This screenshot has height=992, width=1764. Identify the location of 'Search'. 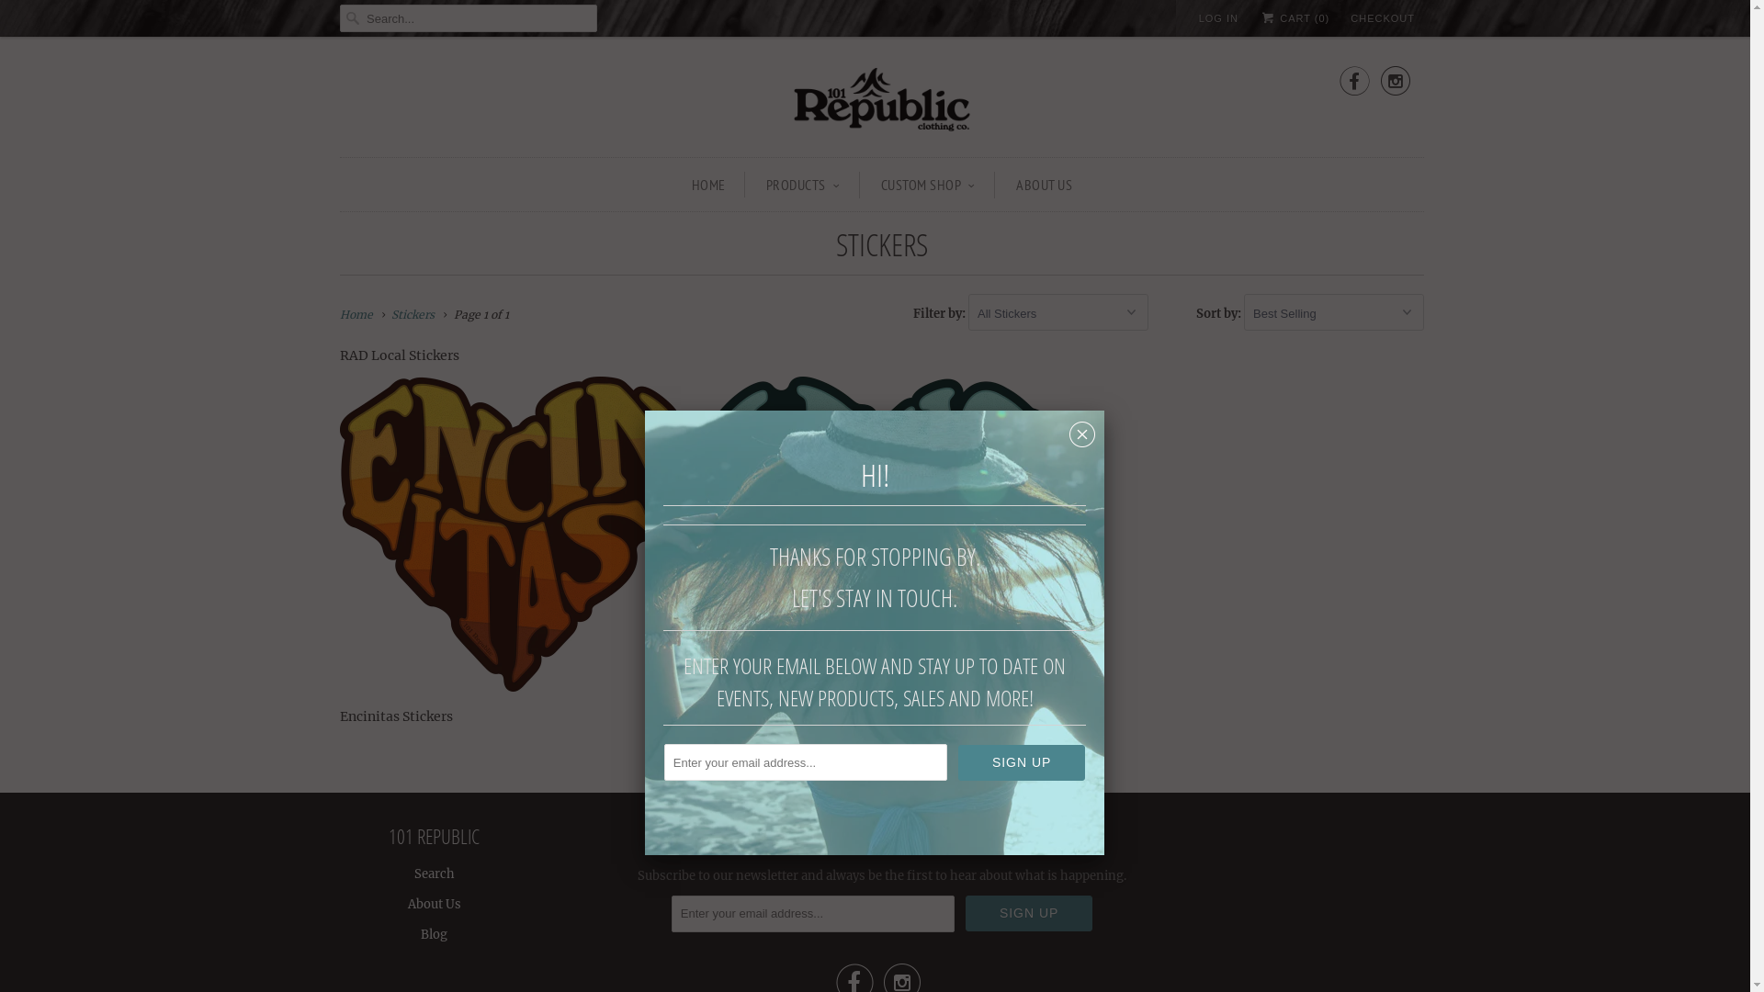
(413, 873).